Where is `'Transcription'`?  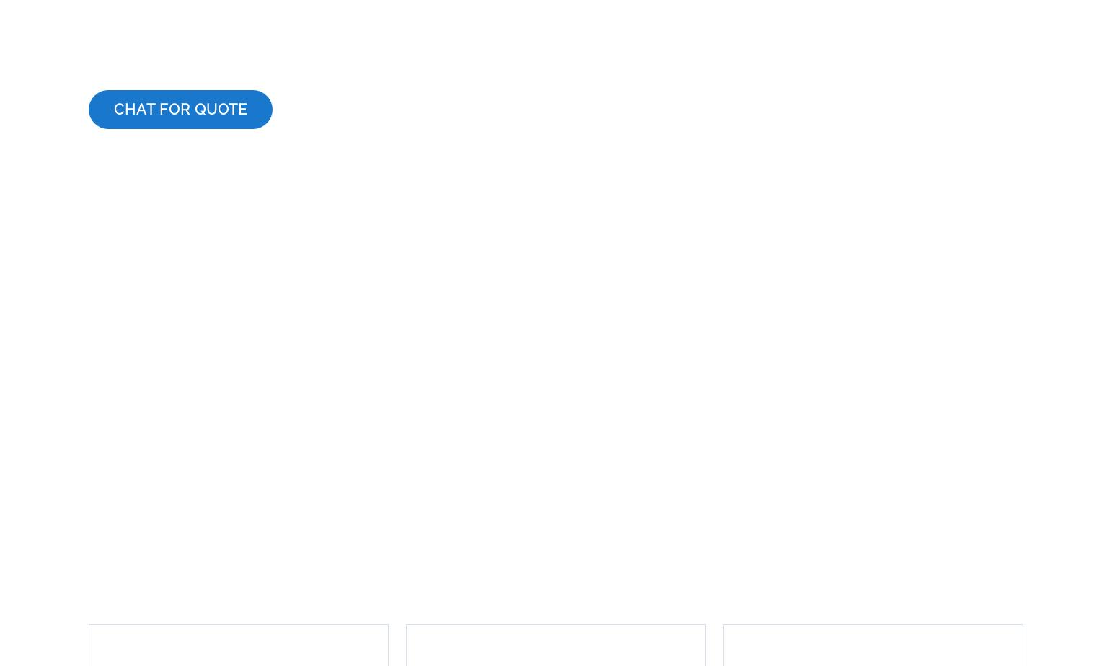 'Transcription' is located at coordinates (134, 558).